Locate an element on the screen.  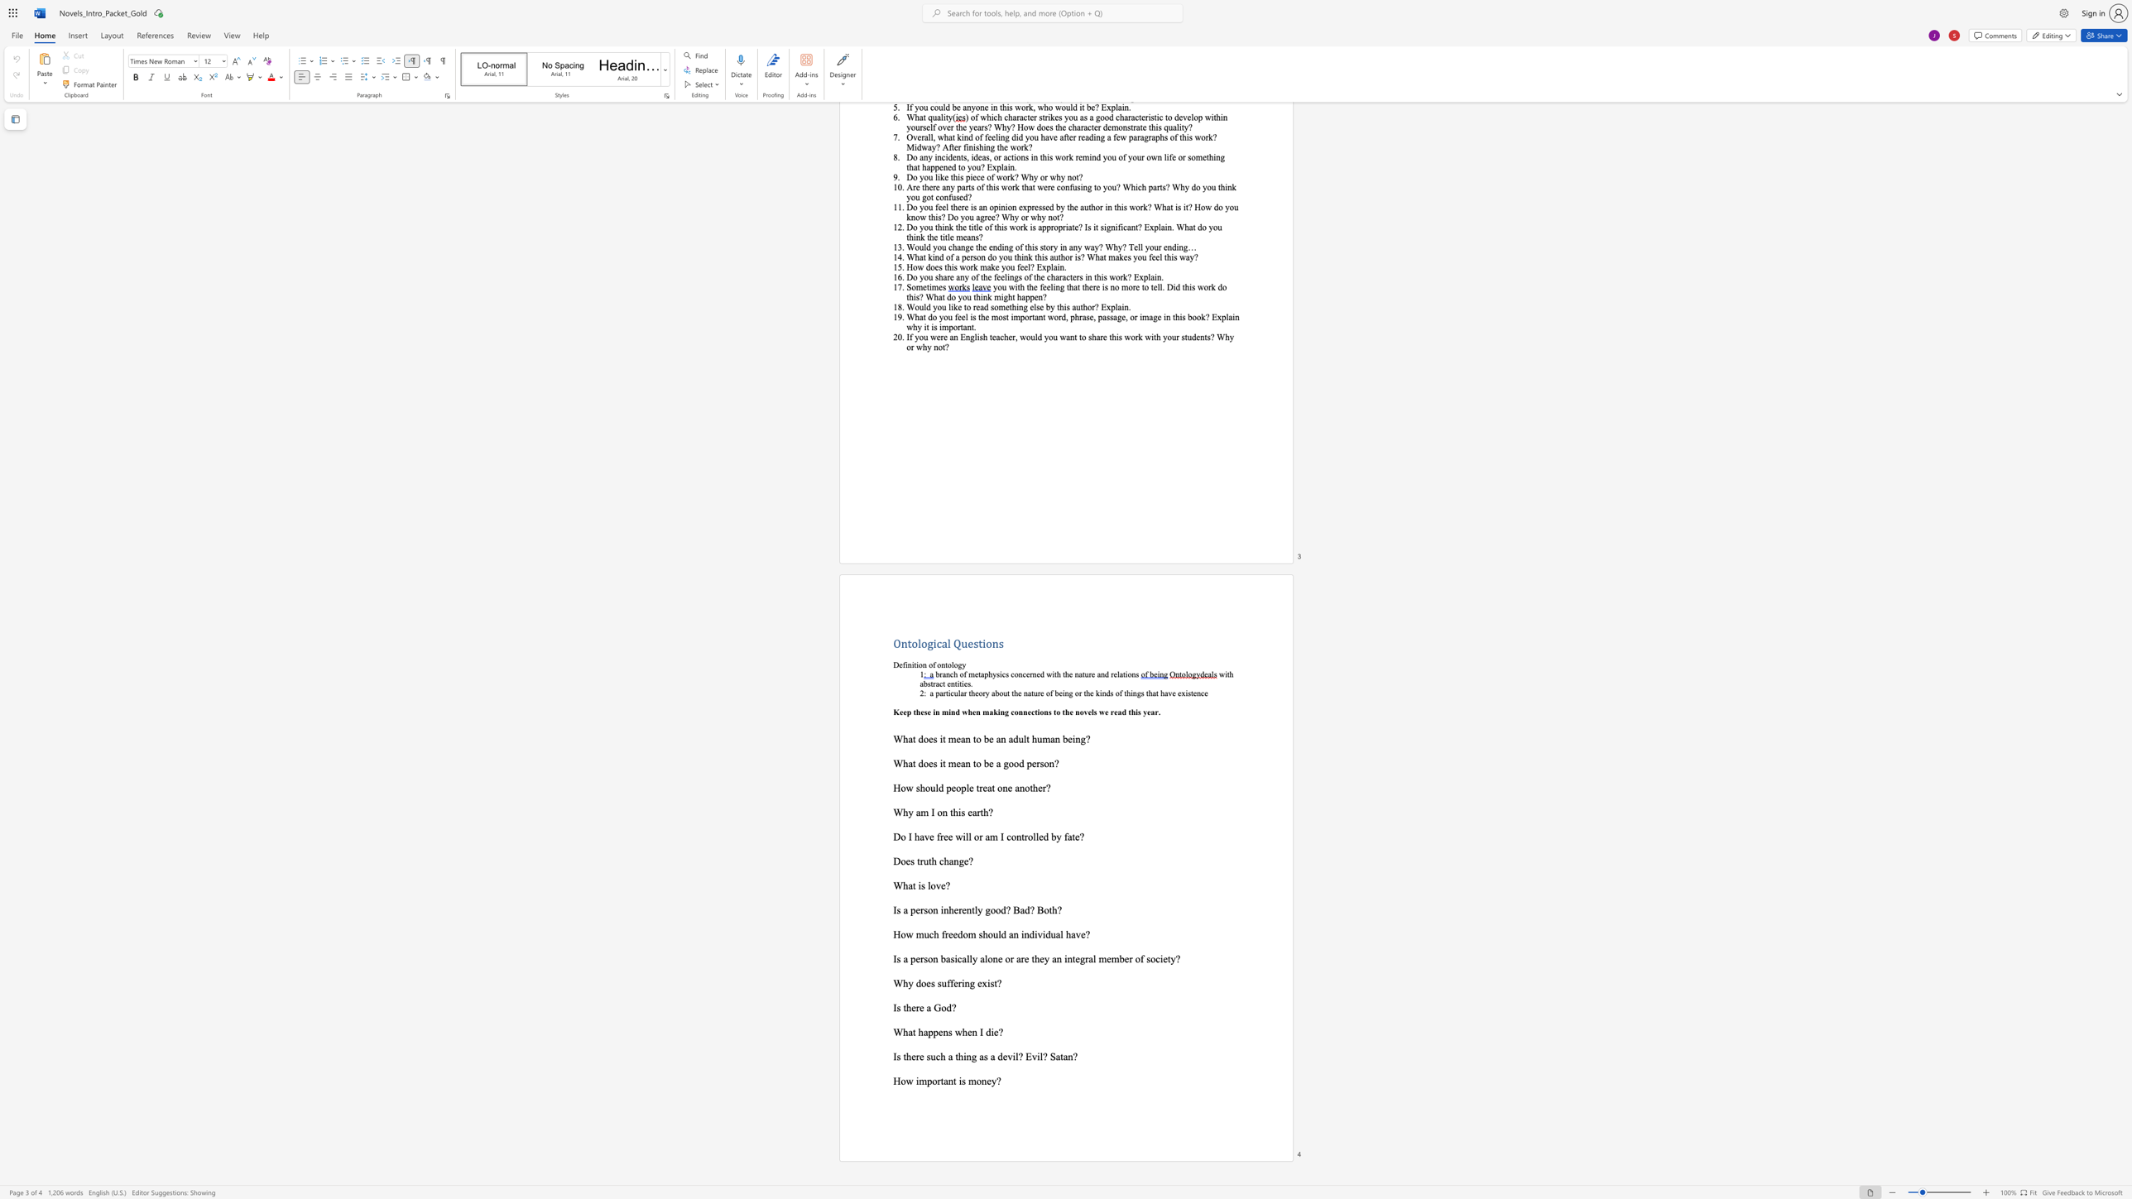
the subset text "lly alo" within the text "basically alone" is located at coordinates (966, 958).